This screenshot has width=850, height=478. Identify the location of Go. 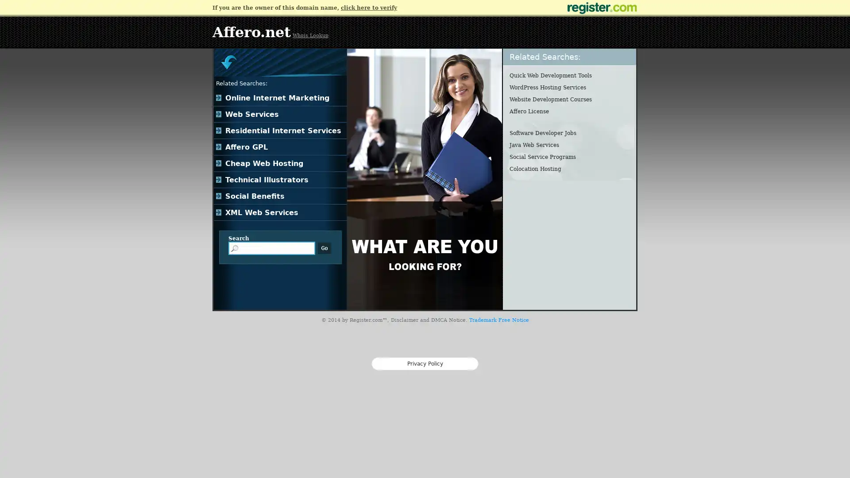
(324, 248).